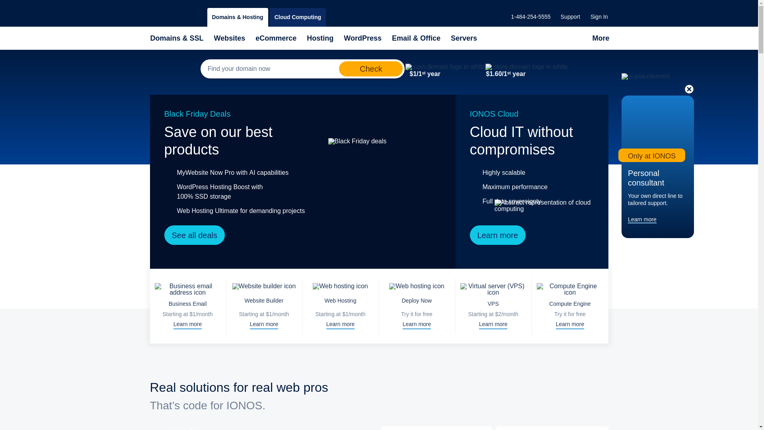 The image size is (764, 430). I want to click on 'Email & Office', so click(391, 38).